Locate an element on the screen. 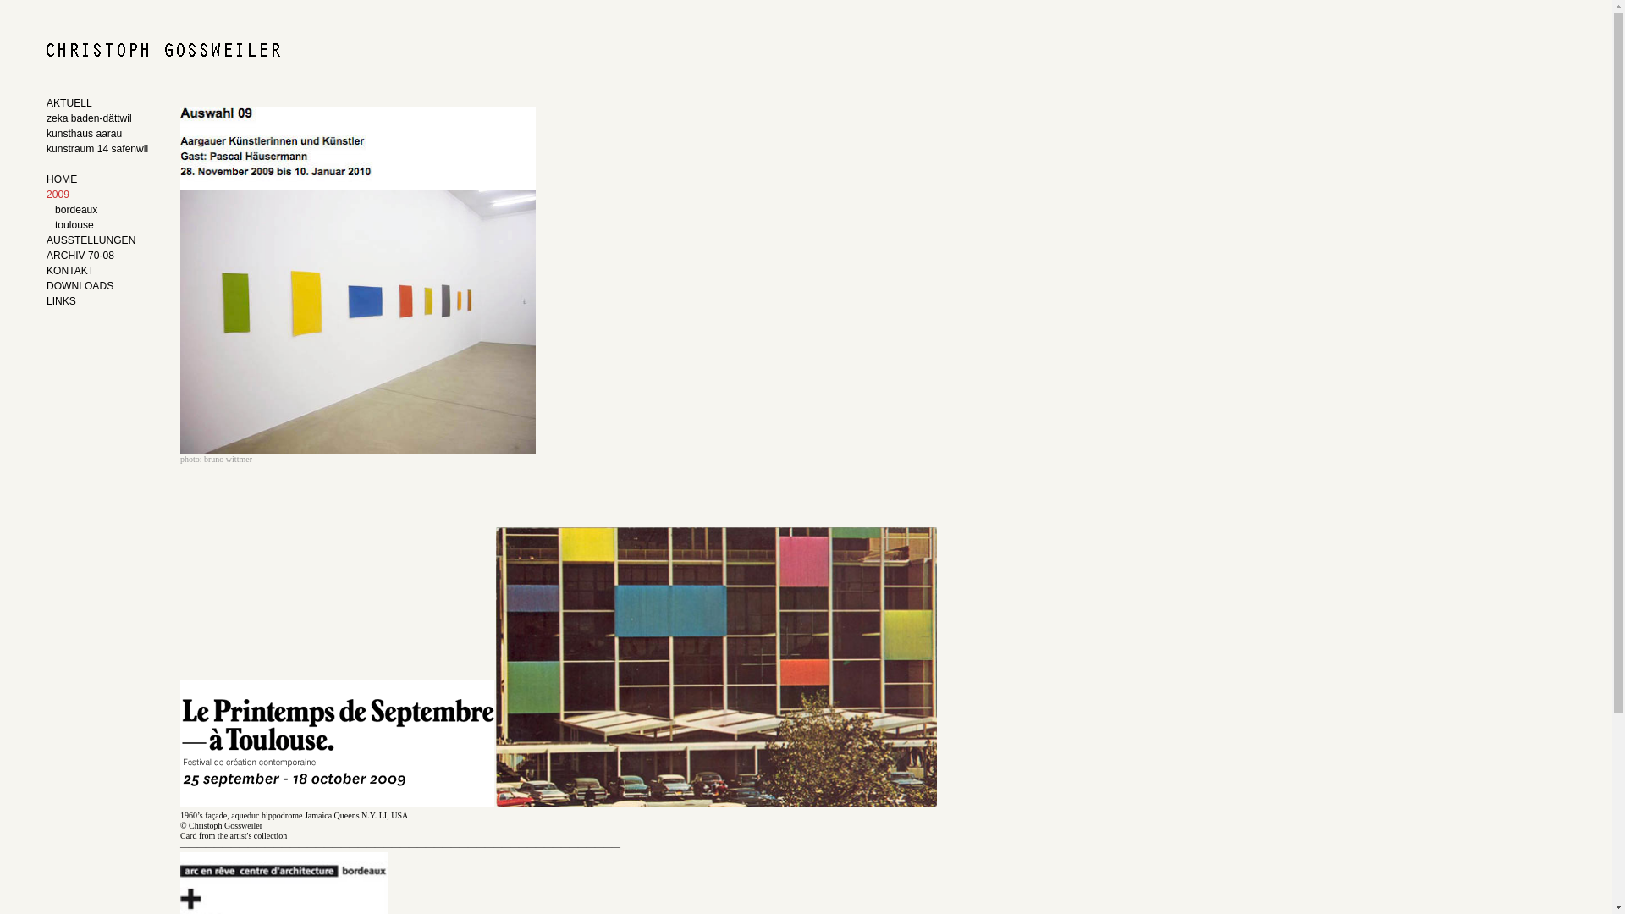 This screenshot has width=1625, height=914. 'kunsthaus aarau' is located at coordinates (98, 134).